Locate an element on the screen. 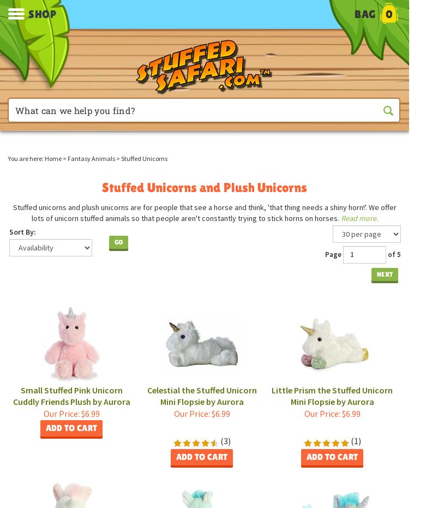 The height and width of the screenshot is (508, 438). 'Small Stuffed Pink Unicorn Cuddly Friends Plush by Aurora' is located at coordinates (12, 395).